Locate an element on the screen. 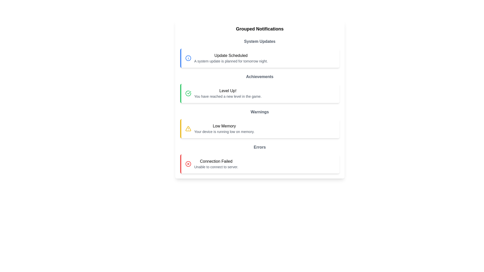  the Static Text element that provides details about the 'Level Up!' notification, located beneath the header text in the green-bordered 'Achievements' group is located at coordinates (228, 96).